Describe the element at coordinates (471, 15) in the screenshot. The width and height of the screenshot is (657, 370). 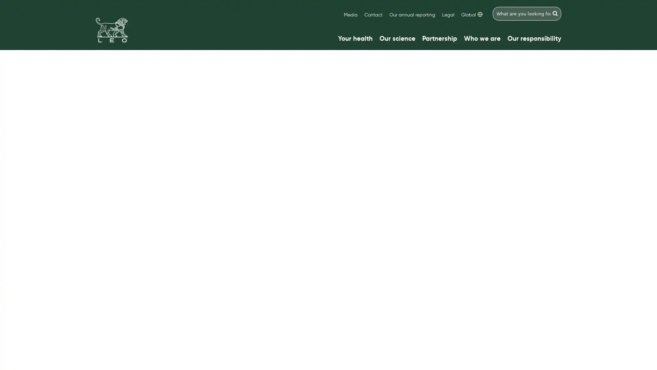
I see `Global` at that location.